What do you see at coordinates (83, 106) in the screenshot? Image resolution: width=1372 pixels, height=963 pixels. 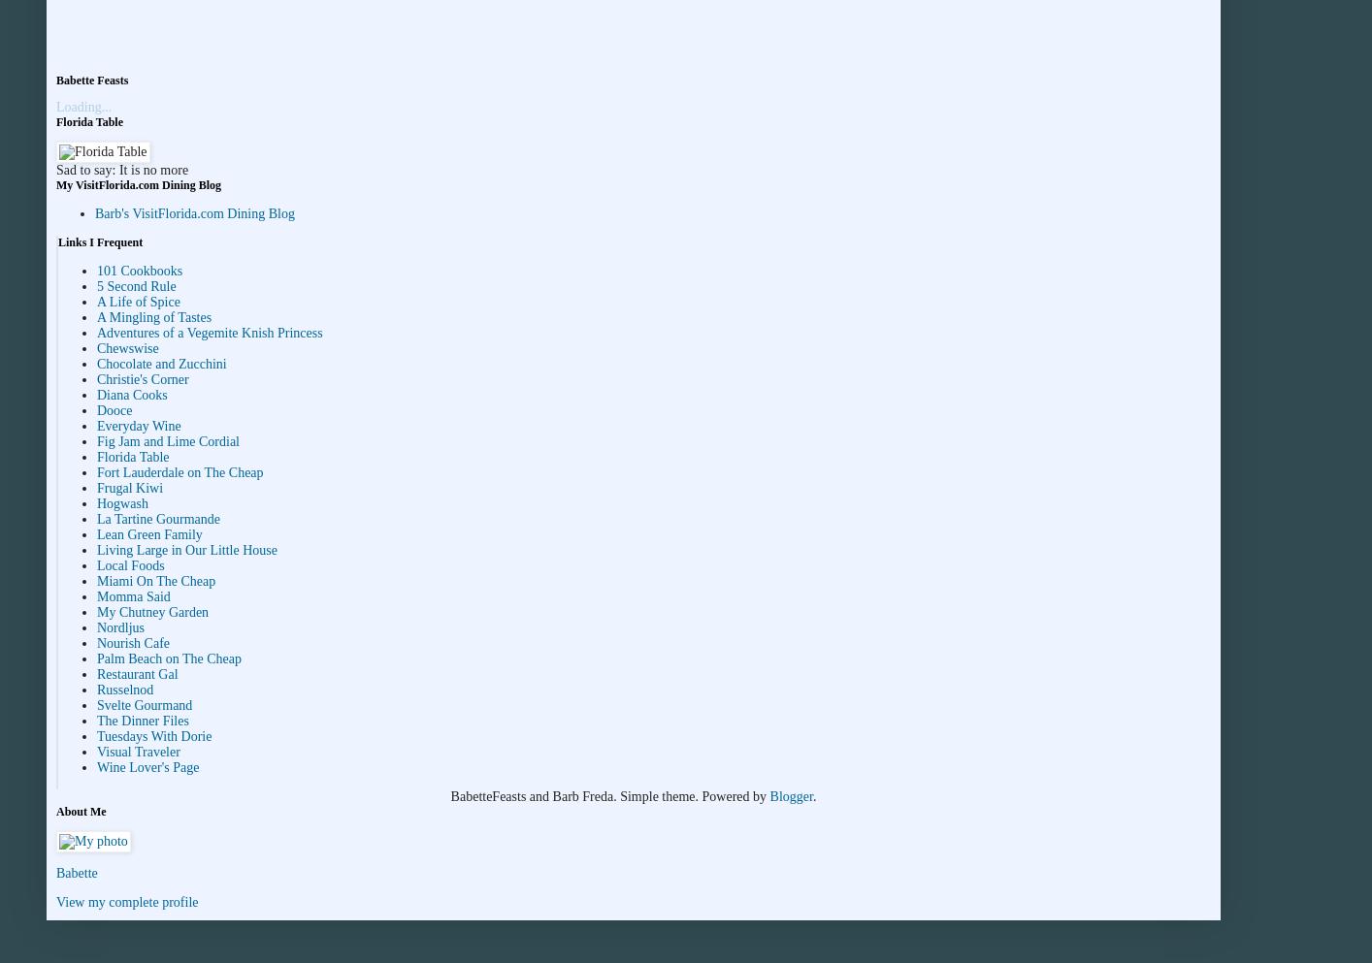 I see `'Loading...'` at bounding box center [83, 106].